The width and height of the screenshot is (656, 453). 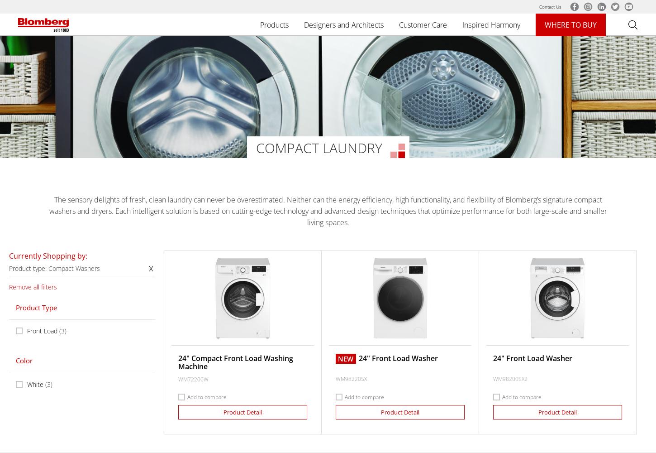 What do you see at coordinates (9, 286) in the screenshot?
I see `'Remove all filters'` at bounding box center [9, 286].